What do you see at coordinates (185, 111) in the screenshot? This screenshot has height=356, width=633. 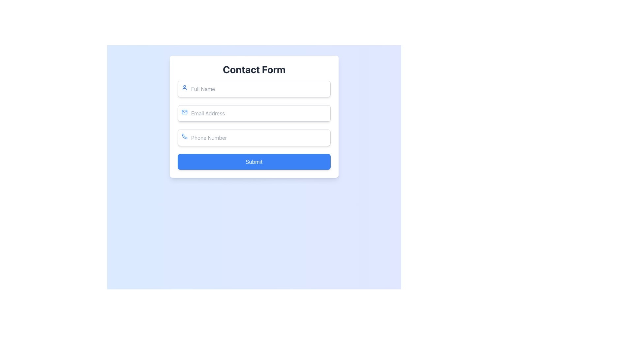 I see `the email input field icon, which visually indicates that the field is for entering an email address, located to the left of the email input field` at bounding box center [185, 111].